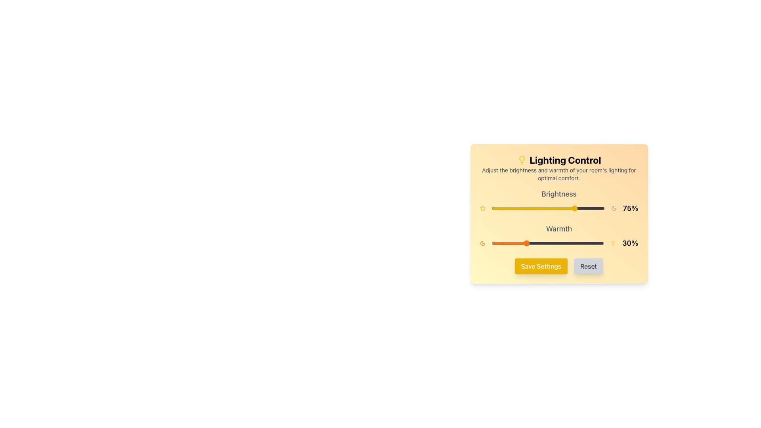 This screenshot has height=428, width=761. Describe the element at coordinates (550, 208) in the screenshot. I see `brightness` at that location.